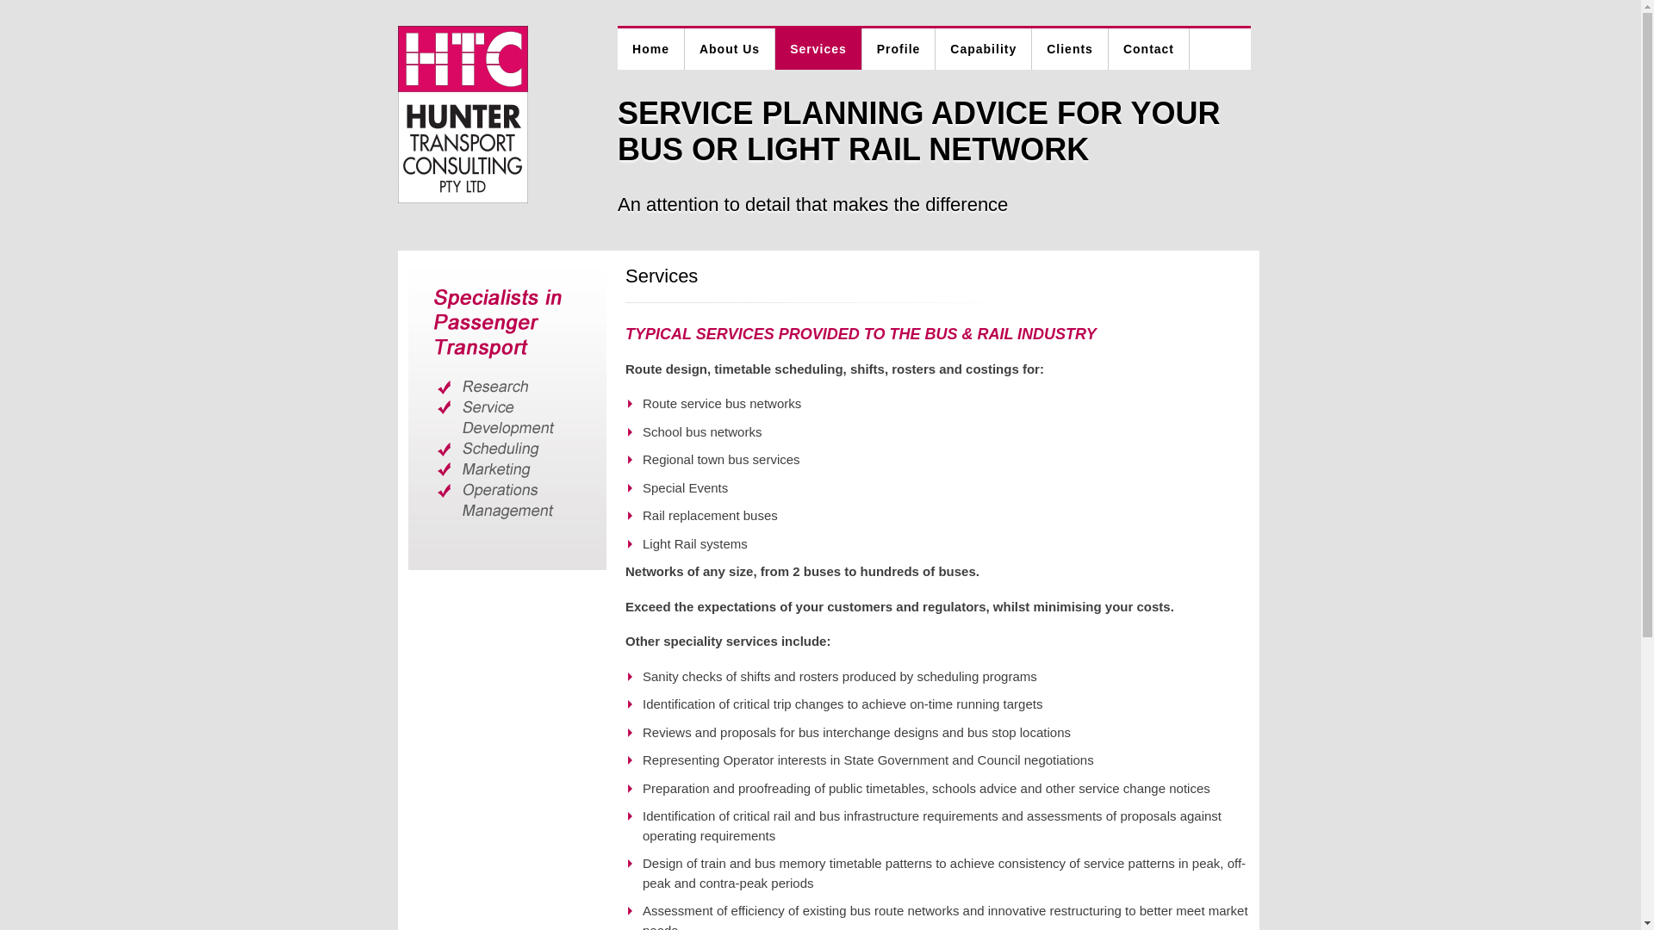 The width and height of the screenshot is (1654, 930). Describe the element at coordinates (818, 48) in the screenshot. I see `'Services'` at that location.